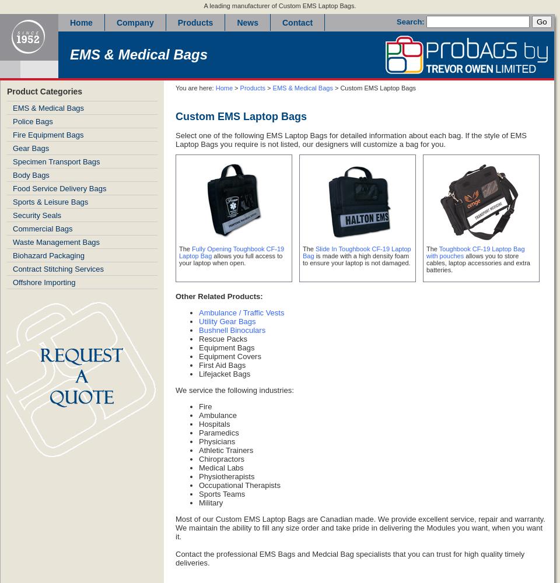 The width and height of the screenshot is (560, 583). I want to click on 'Specimen Transport Bags', so click(56, 161).